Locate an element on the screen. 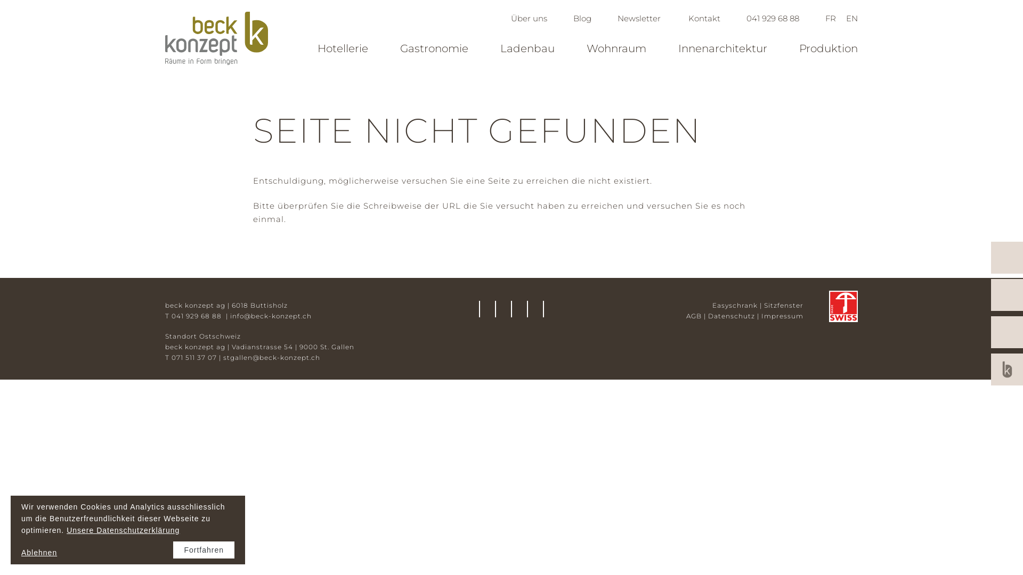 The image size is (1023, 575). 'Sitzfenster' is located at coordinates (783, 305).